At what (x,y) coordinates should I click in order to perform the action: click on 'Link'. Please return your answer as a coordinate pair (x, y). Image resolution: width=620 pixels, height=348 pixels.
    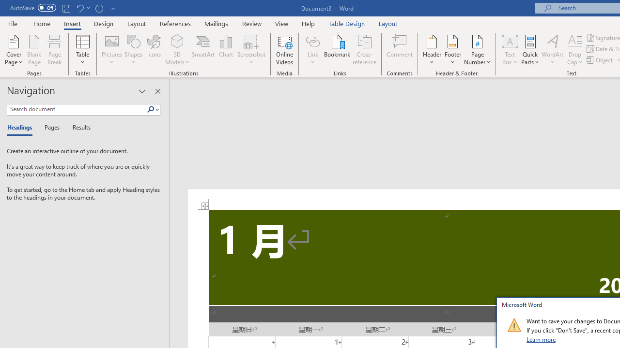
    Looking at the image, I should click on (312, 41).